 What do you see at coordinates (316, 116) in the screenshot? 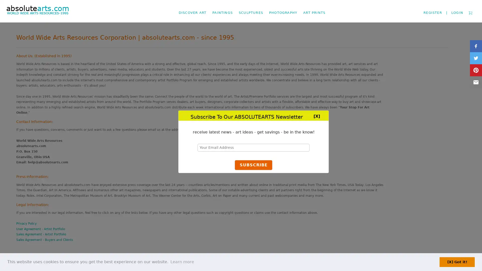
I see `[X]` at bounding box center [316, 116].